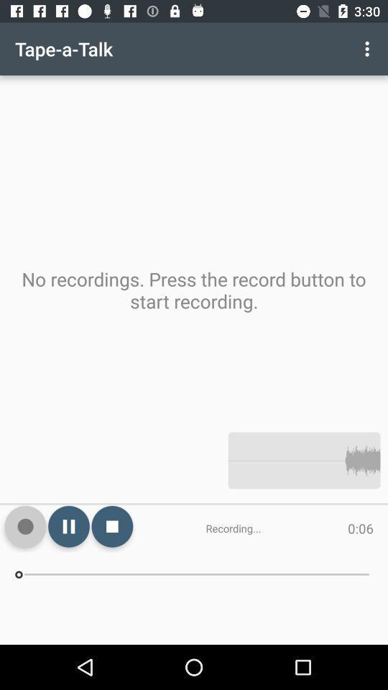 The image size is (388, 690). What do you see at coordinates (369, 49) in the screenshot?
I see `the icon next to tape-a-talk item` at bounding box center [369, 49].